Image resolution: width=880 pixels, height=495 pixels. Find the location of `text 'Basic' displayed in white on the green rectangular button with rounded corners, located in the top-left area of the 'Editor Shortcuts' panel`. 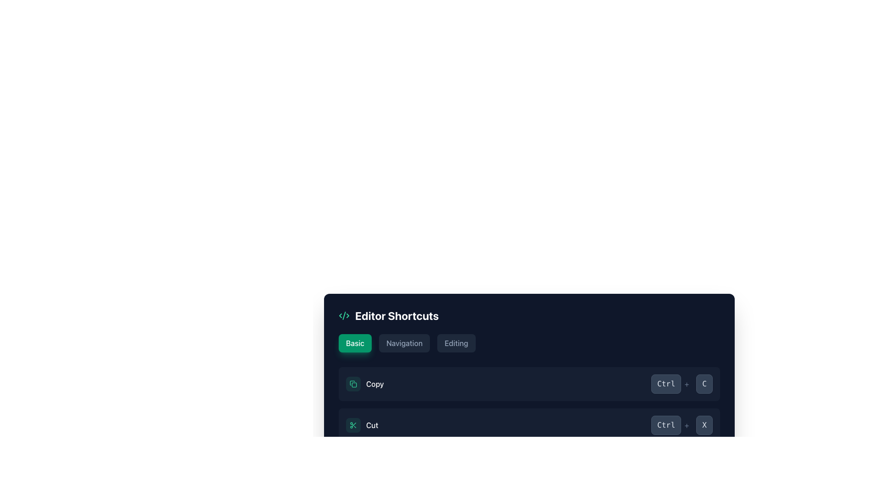

text 'Basic' displayed in white on the green rectangular button with rounded corners, located in the top-left area of the 'Editor Shortcuts' panel is located at coordinates (355, 343).